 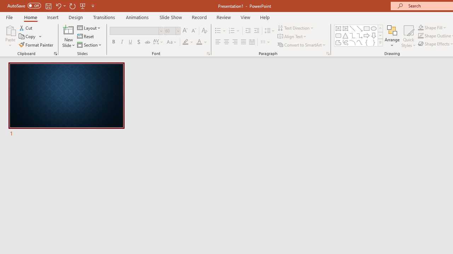 I want to click on 'Font...', so click(x=208, y=53).